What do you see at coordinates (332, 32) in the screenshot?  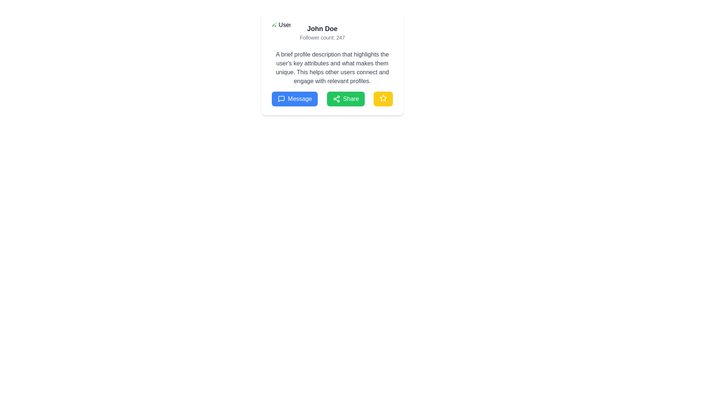 I see `the 'John Doe' text in the user profile header` at bounding box center [332, 32].